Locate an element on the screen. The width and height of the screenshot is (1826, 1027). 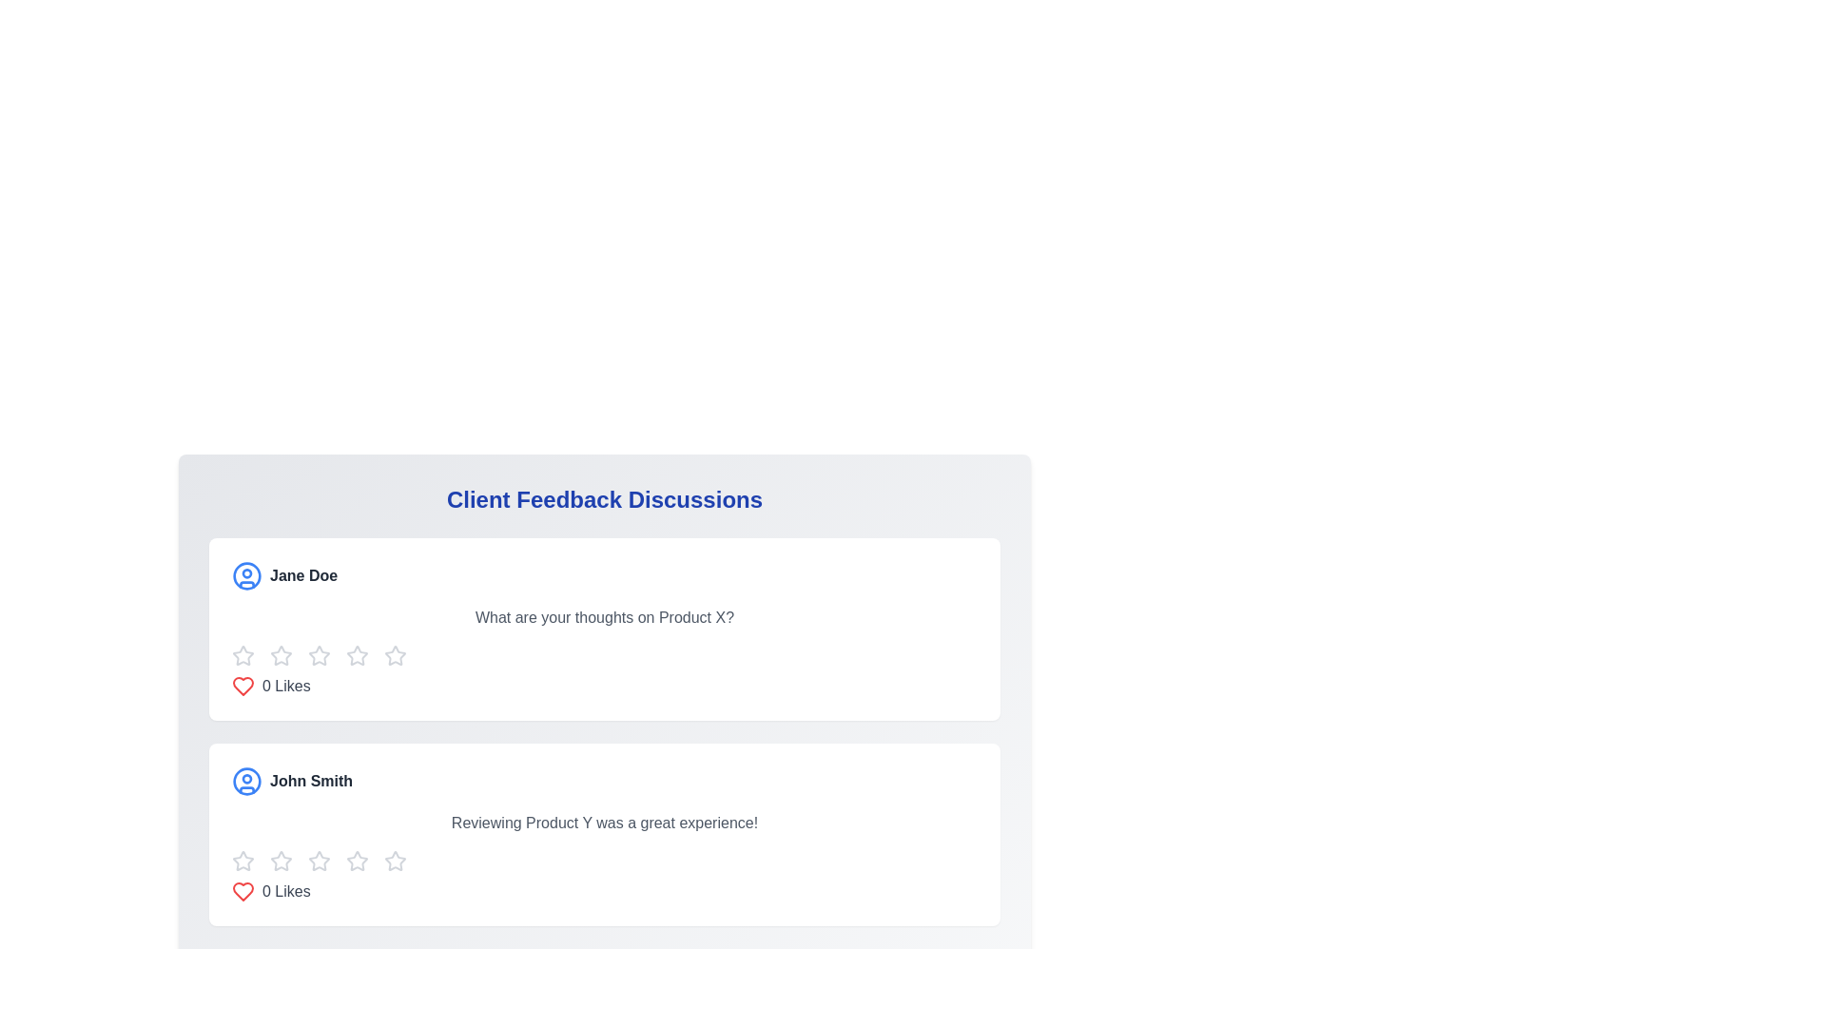
the innermost SVG circle representing the user's profile icon in the feedback list is located at coordinates (245, 574).